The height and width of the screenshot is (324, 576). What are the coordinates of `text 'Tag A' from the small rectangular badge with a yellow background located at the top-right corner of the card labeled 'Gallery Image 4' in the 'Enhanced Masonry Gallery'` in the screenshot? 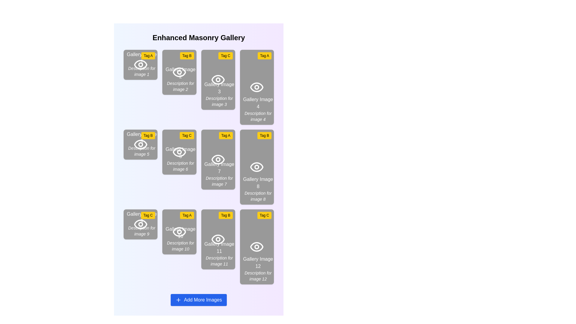 It's located at (264, 55).